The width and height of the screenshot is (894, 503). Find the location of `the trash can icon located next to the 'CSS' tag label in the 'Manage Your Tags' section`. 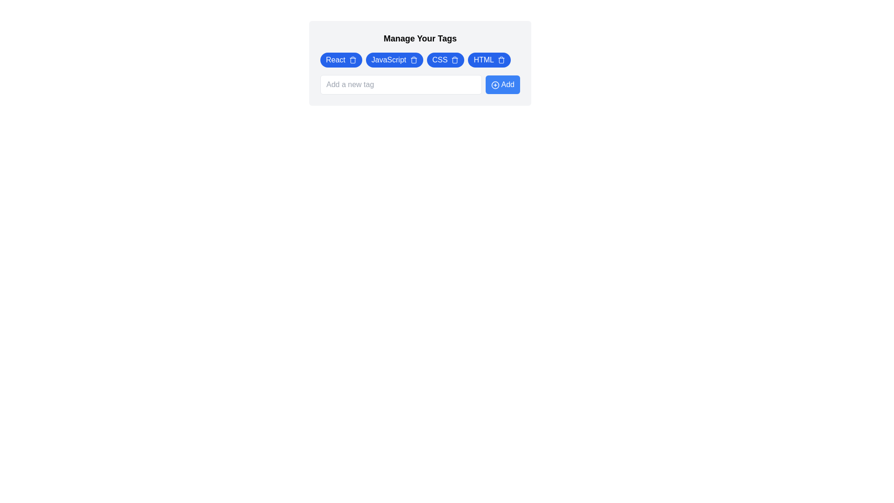

the trash can icon located next to the 'CSS' tag label in the 'Manage Your Tags' section is located at coordinates (455, 61).